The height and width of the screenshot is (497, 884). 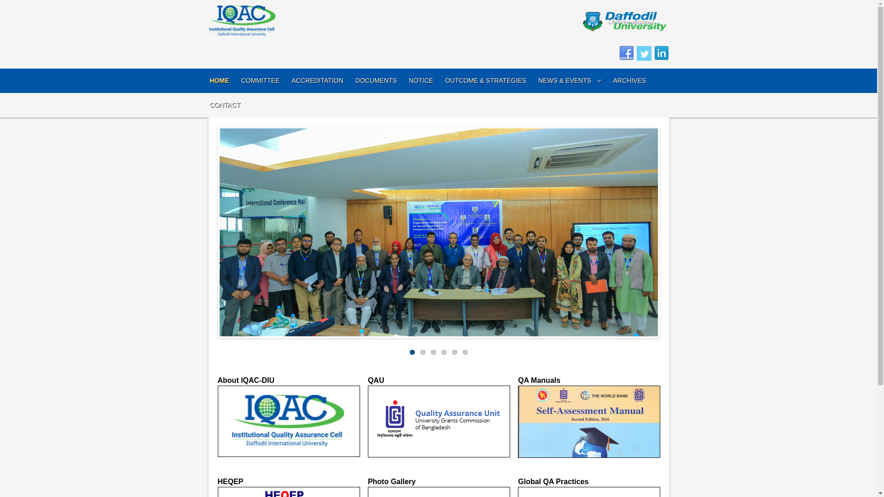 What do you see at coordinates (422, 352) in the screenshot?
I see `'2'` at bounding box center [422, 352].